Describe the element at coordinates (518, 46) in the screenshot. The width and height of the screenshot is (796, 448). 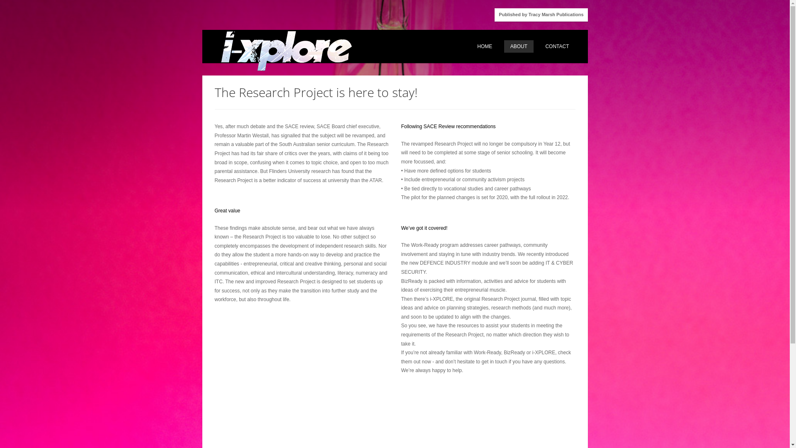
I see `'ABOUT'` at that location.